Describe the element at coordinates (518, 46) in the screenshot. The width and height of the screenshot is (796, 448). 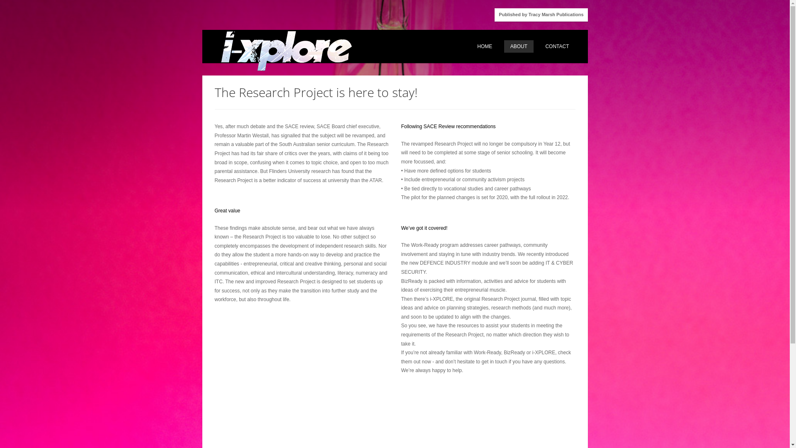
I see `'ABOUT'` at that location.